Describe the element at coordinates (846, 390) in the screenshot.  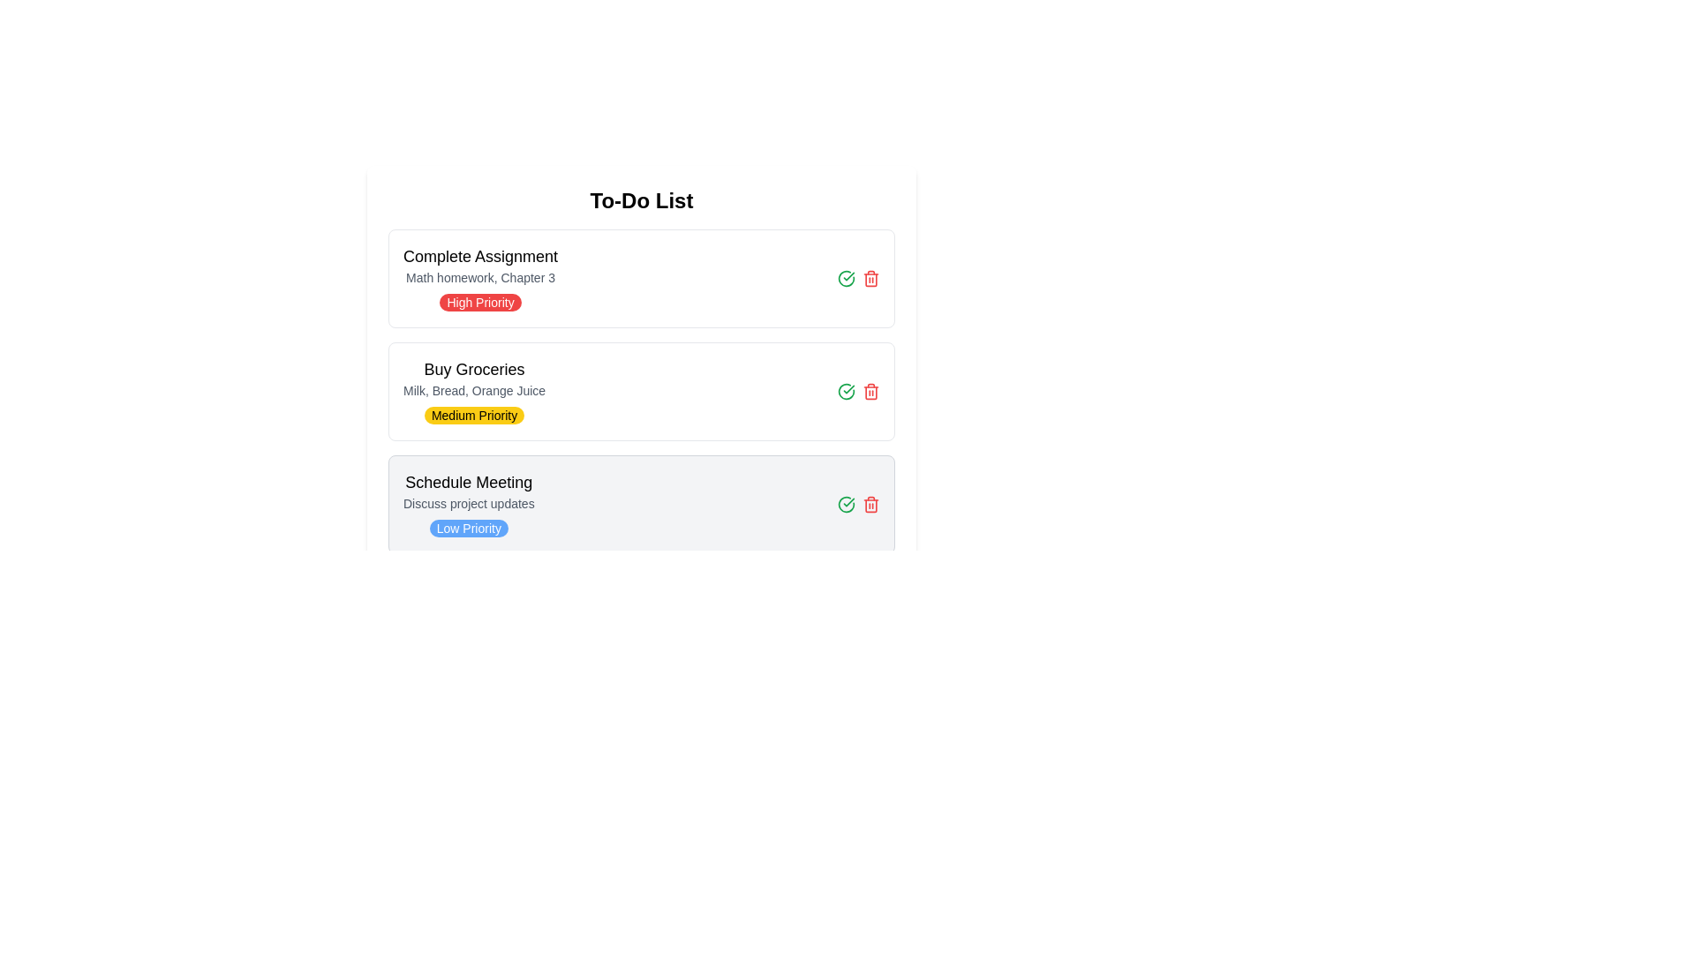
I see `the circular green Completion indicator button with a checkmark, located to the right of the 'Complete Assignment' task, to potentially display additional information` at that location.